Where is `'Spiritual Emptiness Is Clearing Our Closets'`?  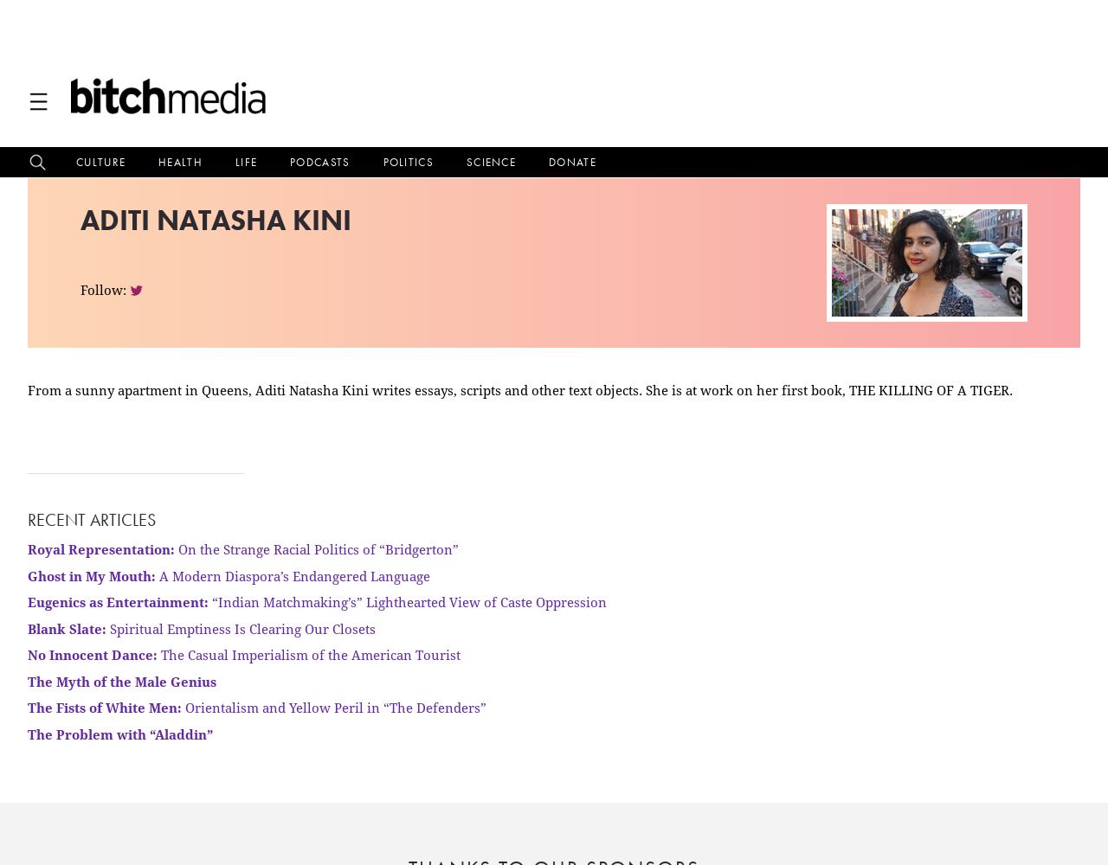
'Spiritual Emptiness Is Clearing Our Closets' is located at coordinates (240, 627).